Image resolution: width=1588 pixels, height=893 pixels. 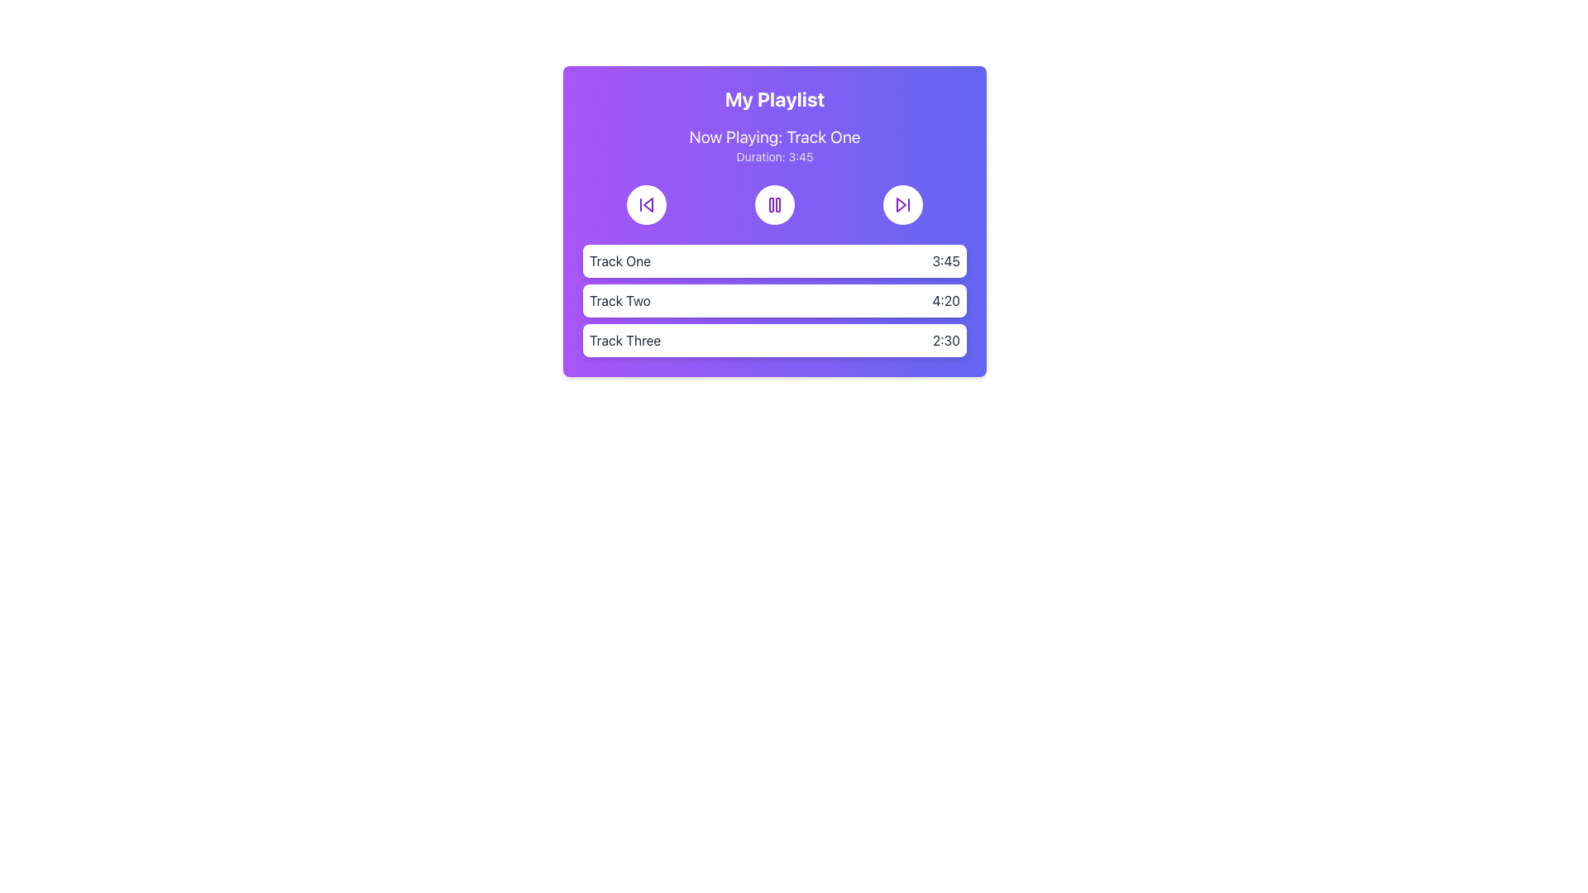 I want to click on the text label that displays the title of a music track in the playlist, positioned on the left side of the card, so click(x=619, y=260).